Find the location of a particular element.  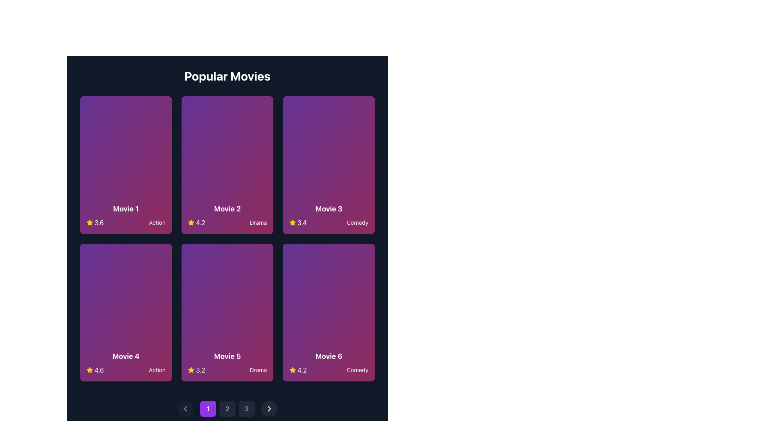

the 'Comedy' label in small white font located at the bottom-right corner of the 'Movie 6' card is located at coordinates (357, 370).